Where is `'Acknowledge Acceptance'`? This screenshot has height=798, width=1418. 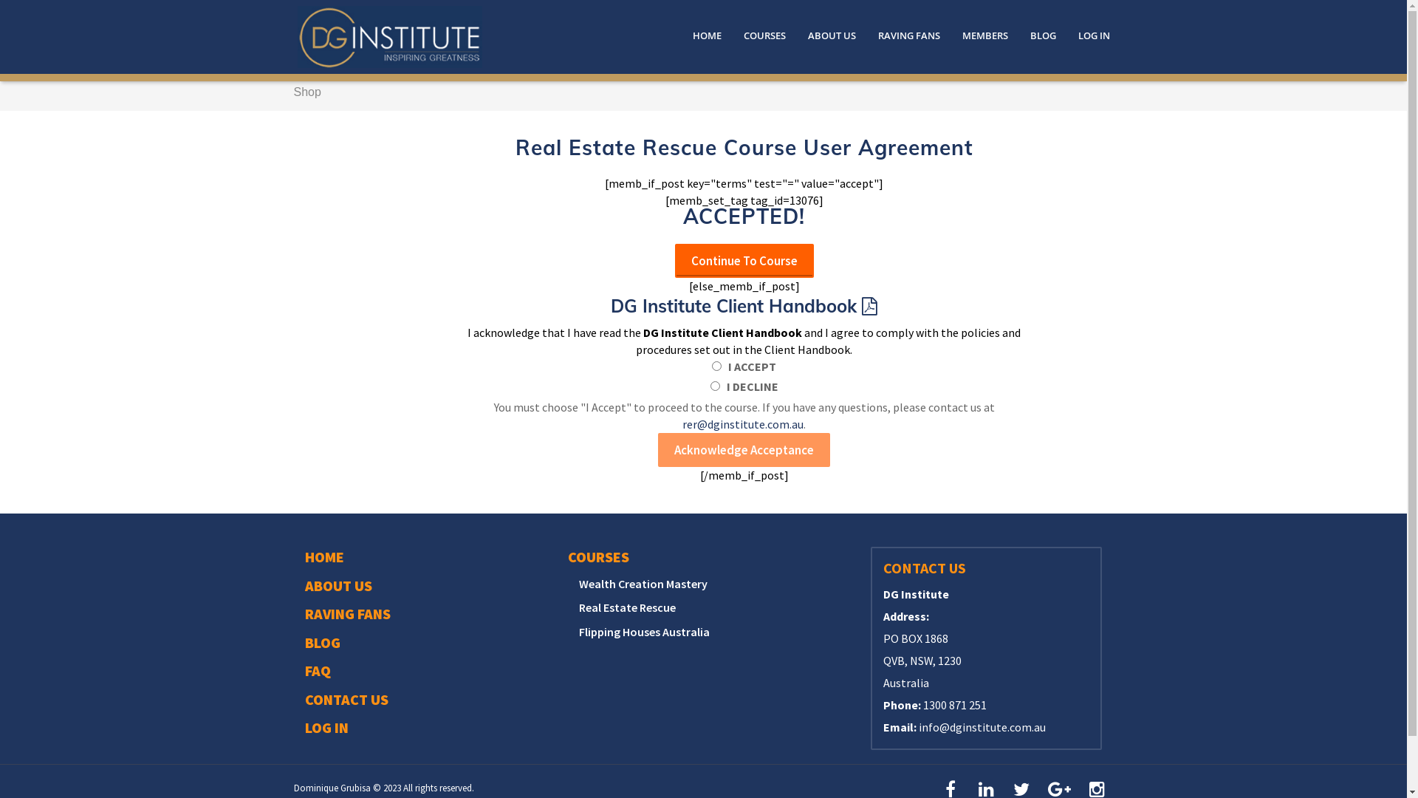 'Acknowledge Acceptance' is located at coordinates (744, 449).